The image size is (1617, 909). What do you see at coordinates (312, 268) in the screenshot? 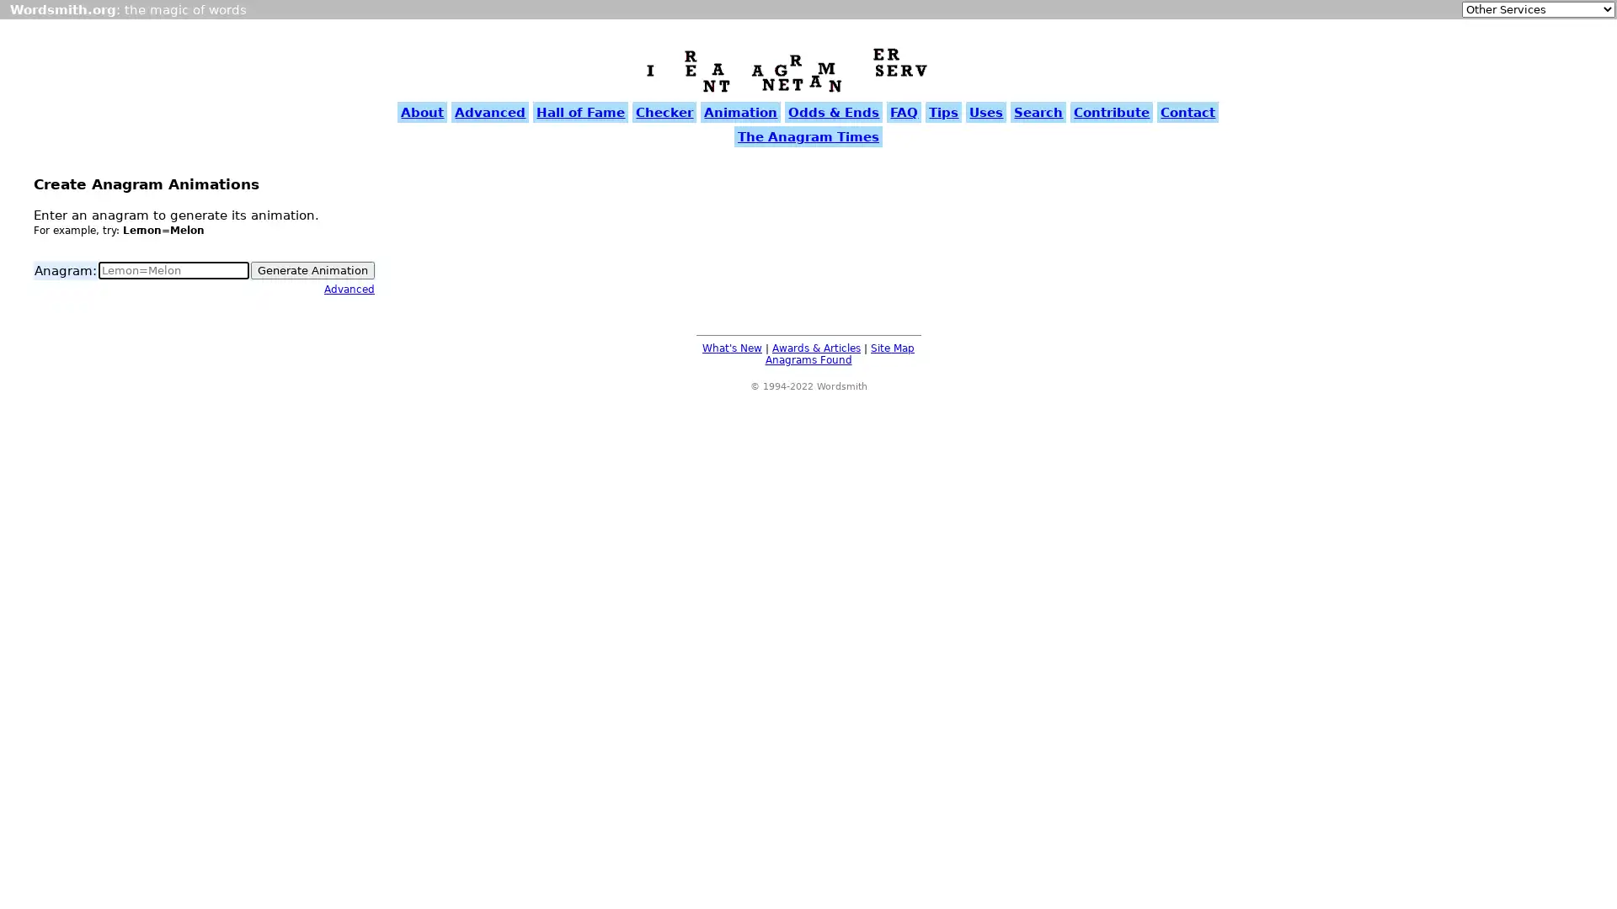
I see `Generate Animation` at bounding box center [312, 268].